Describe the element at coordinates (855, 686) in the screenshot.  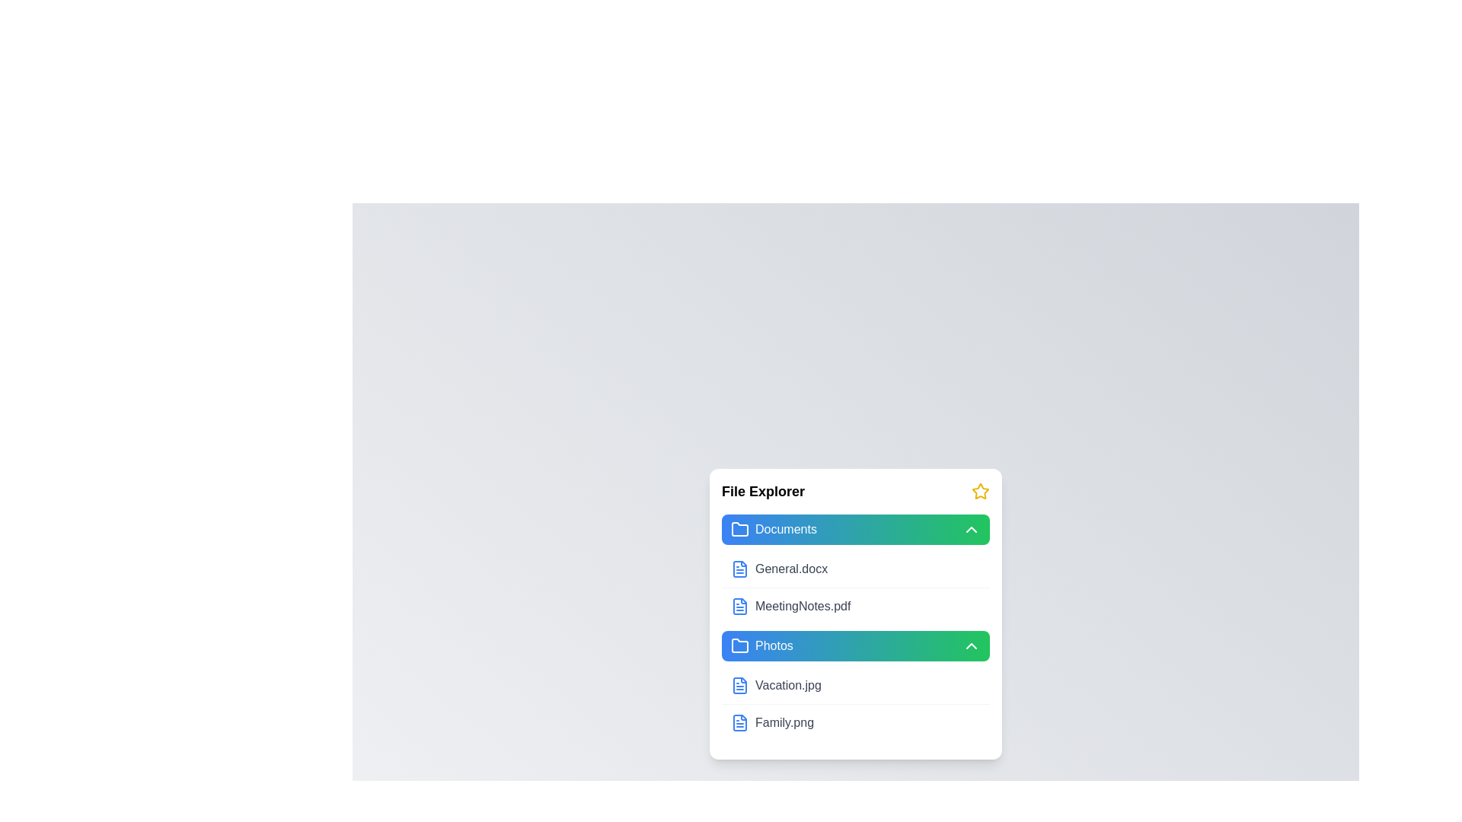
I see `the file item Vacation.jpg` at that location.